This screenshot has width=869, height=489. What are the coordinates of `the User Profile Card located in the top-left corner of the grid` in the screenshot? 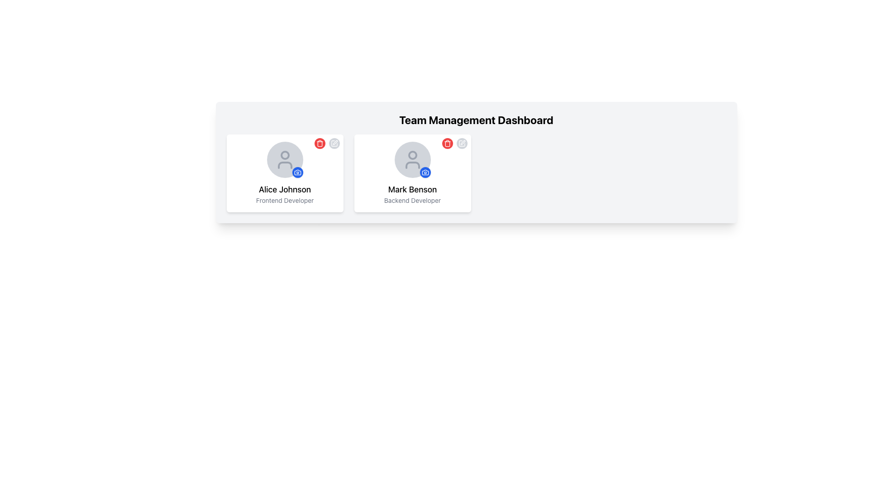 It's located at (284, 173).